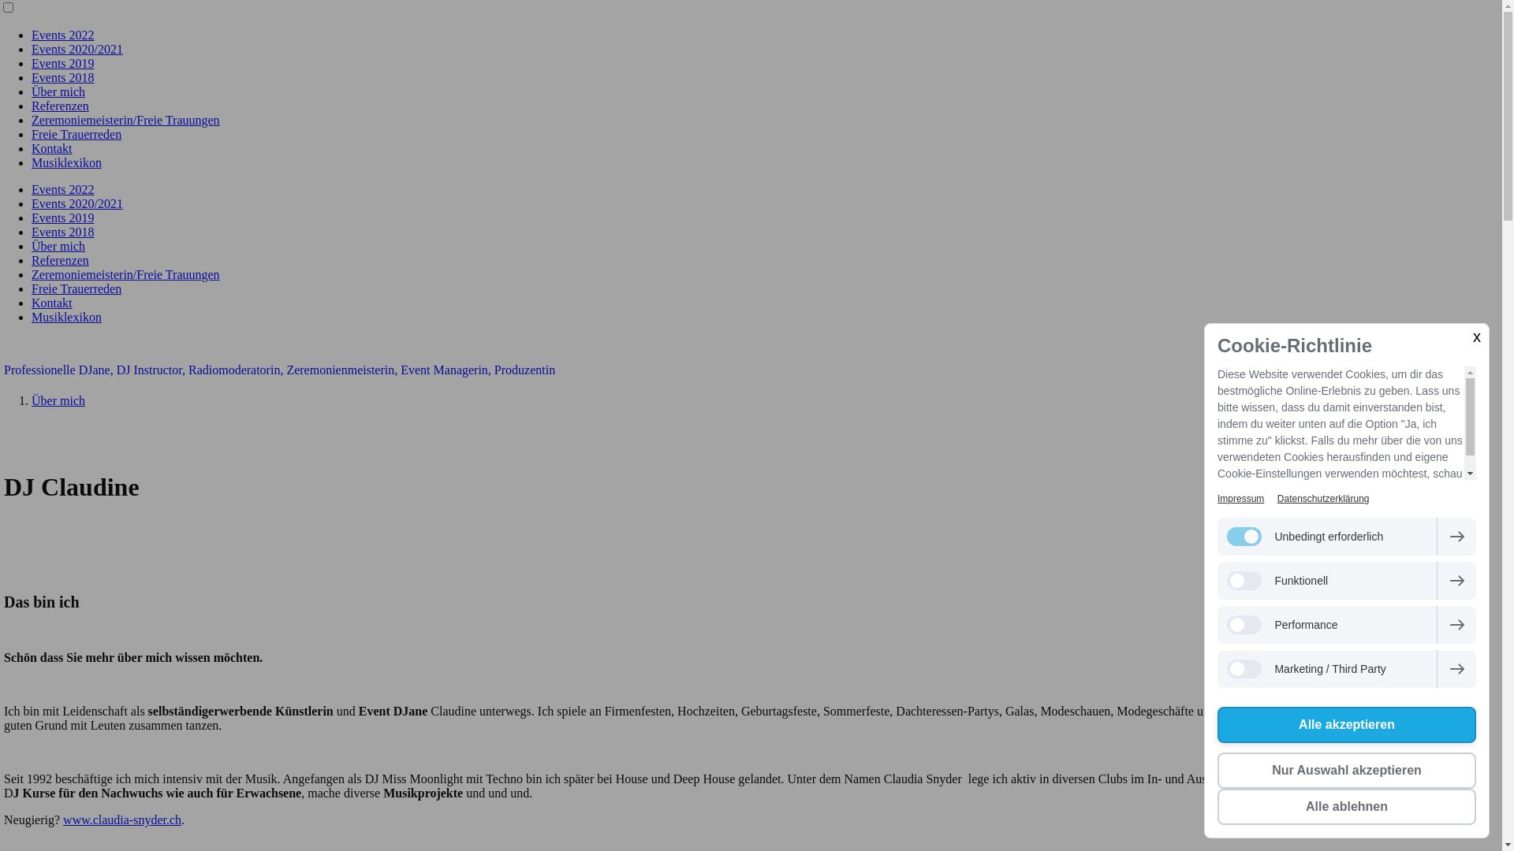 The width and height of the screenshot is (1514, 851). I want to click on 'Zeremoniemeisterin/Freie Trauungen', so click(125, 273).